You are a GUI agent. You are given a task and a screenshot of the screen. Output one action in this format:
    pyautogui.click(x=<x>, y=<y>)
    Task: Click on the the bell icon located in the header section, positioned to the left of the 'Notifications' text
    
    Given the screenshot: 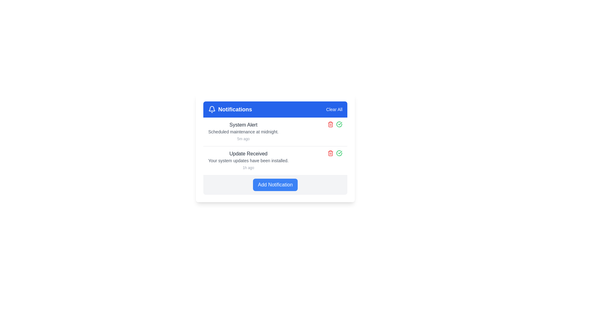 What is the action you would take?
    pyautogui.click(x=212, y=109)
    